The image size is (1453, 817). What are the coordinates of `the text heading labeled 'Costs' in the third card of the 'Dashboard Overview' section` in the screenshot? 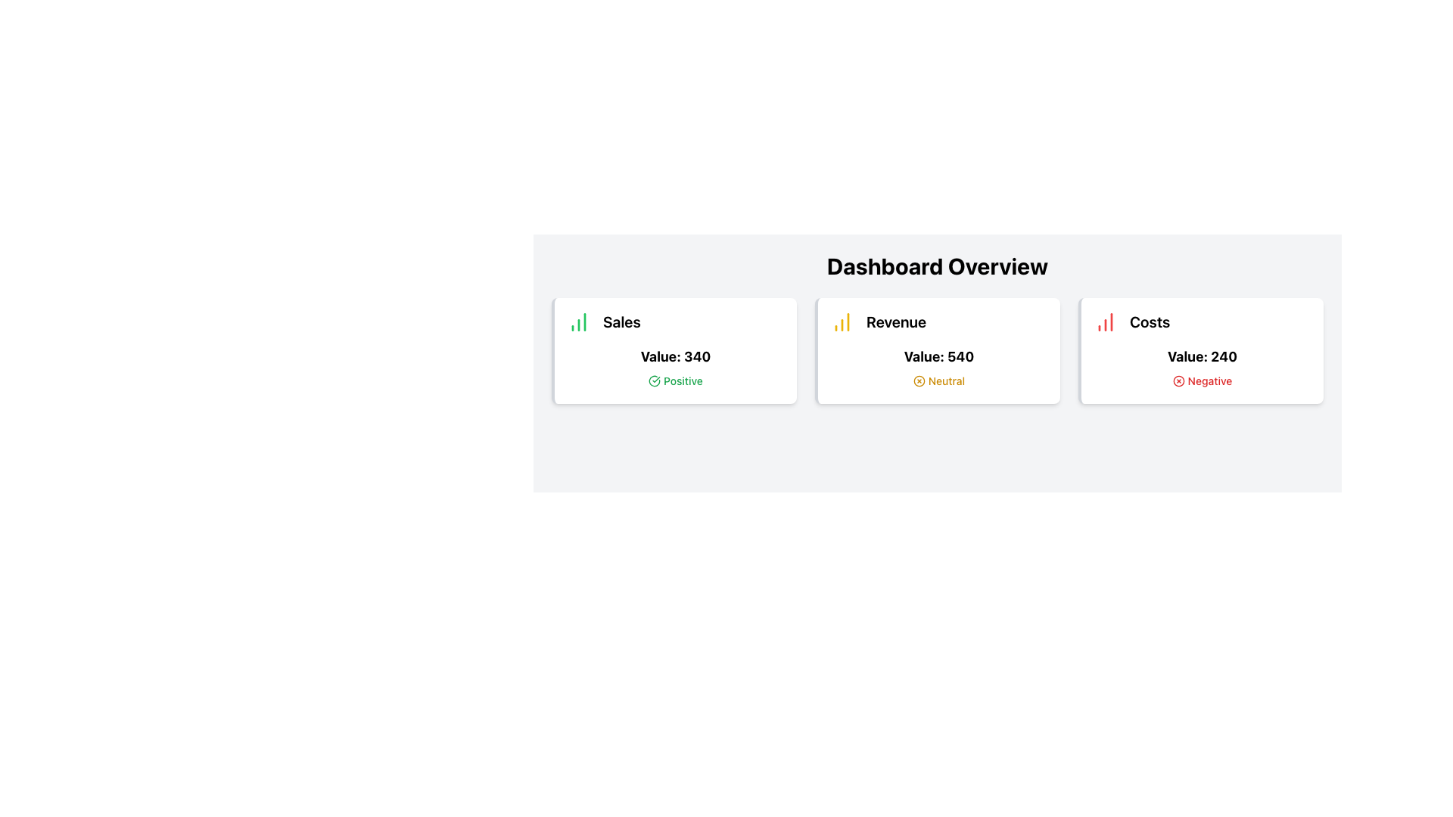 It's located at (1150, 321).